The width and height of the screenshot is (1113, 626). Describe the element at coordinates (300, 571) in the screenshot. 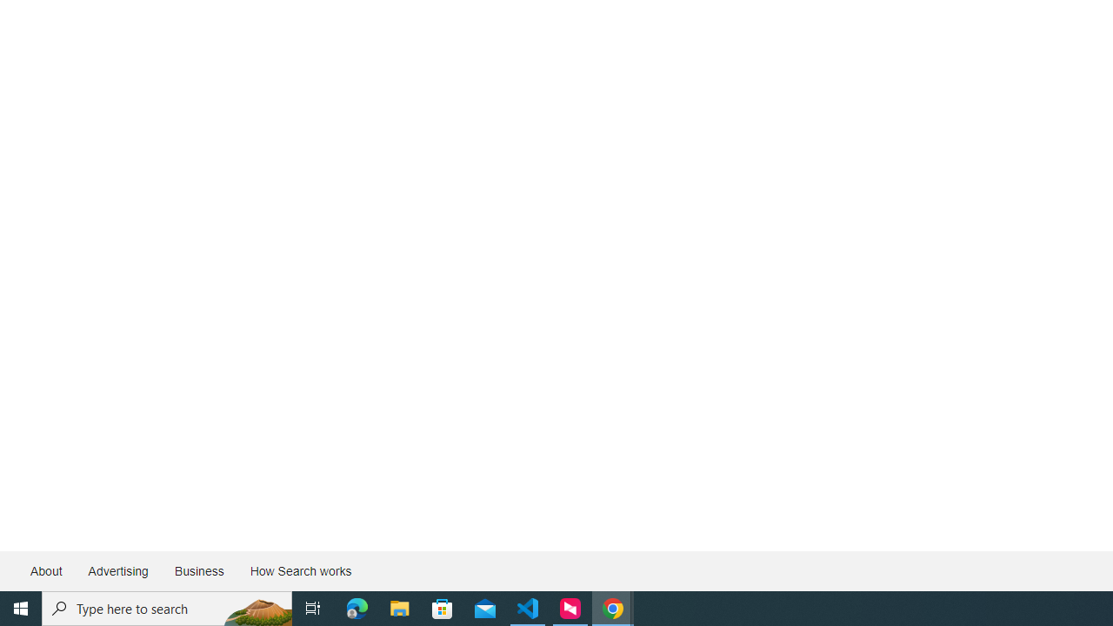

I see `'How Search works'` at that location.